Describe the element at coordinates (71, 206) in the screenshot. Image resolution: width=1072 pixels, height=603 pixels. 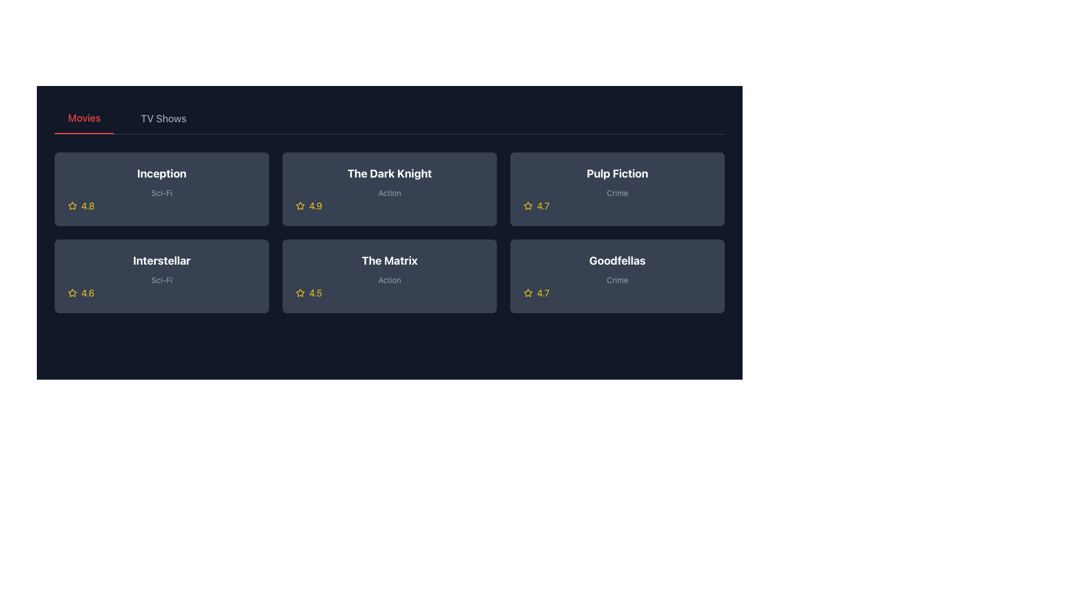
I see `the star icon representing the rating for the movie 'Inception', located in the upper-left card of the grid layout in the 'Movies' section` at that location.